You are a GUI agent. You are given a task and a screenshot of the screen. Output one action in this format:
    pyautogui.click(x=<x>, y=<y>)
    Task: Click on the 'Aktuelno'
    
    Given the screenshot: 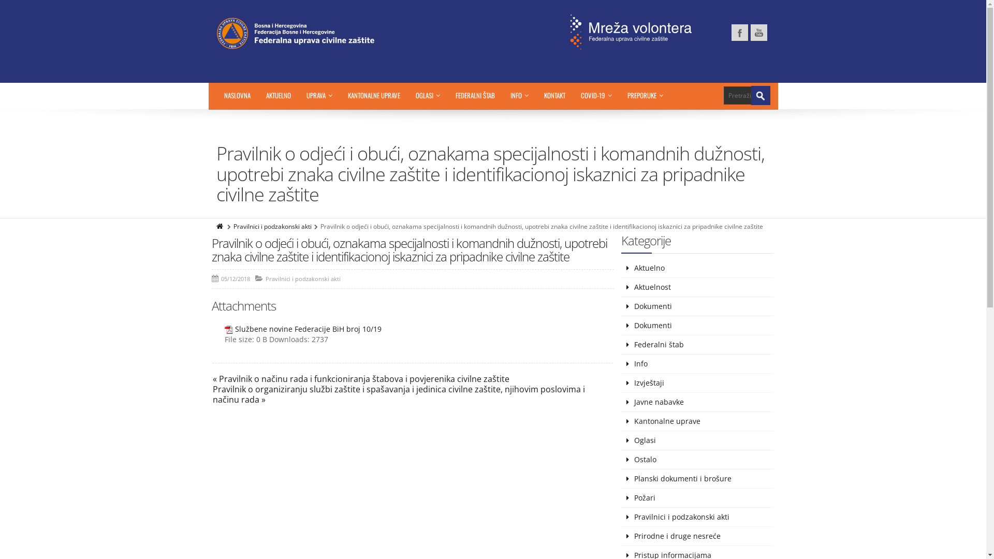 What is the action you would take?
    pyautogui.click(x=697, y=268)
    